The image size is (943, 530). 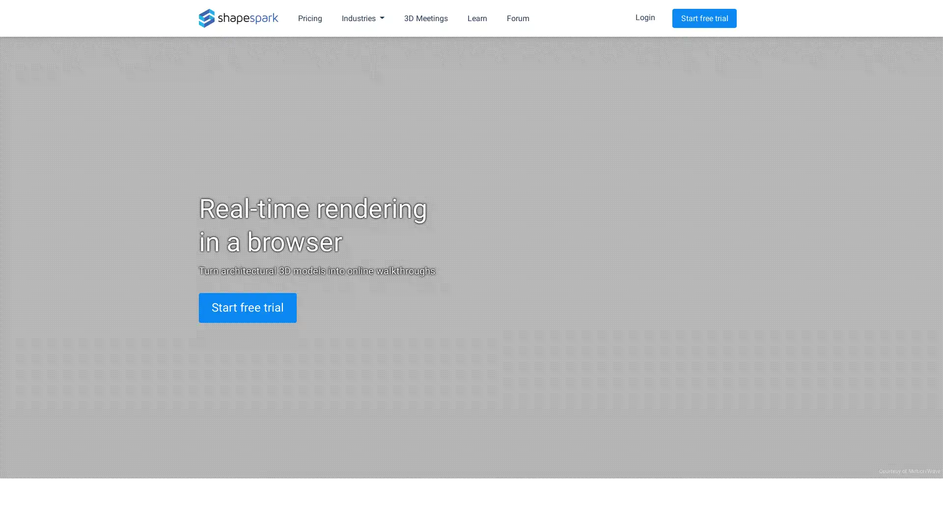 What do you see at coordinates (704, 18) in the screenshot?
I see `Start free trial` at bounding box center [704, 18].